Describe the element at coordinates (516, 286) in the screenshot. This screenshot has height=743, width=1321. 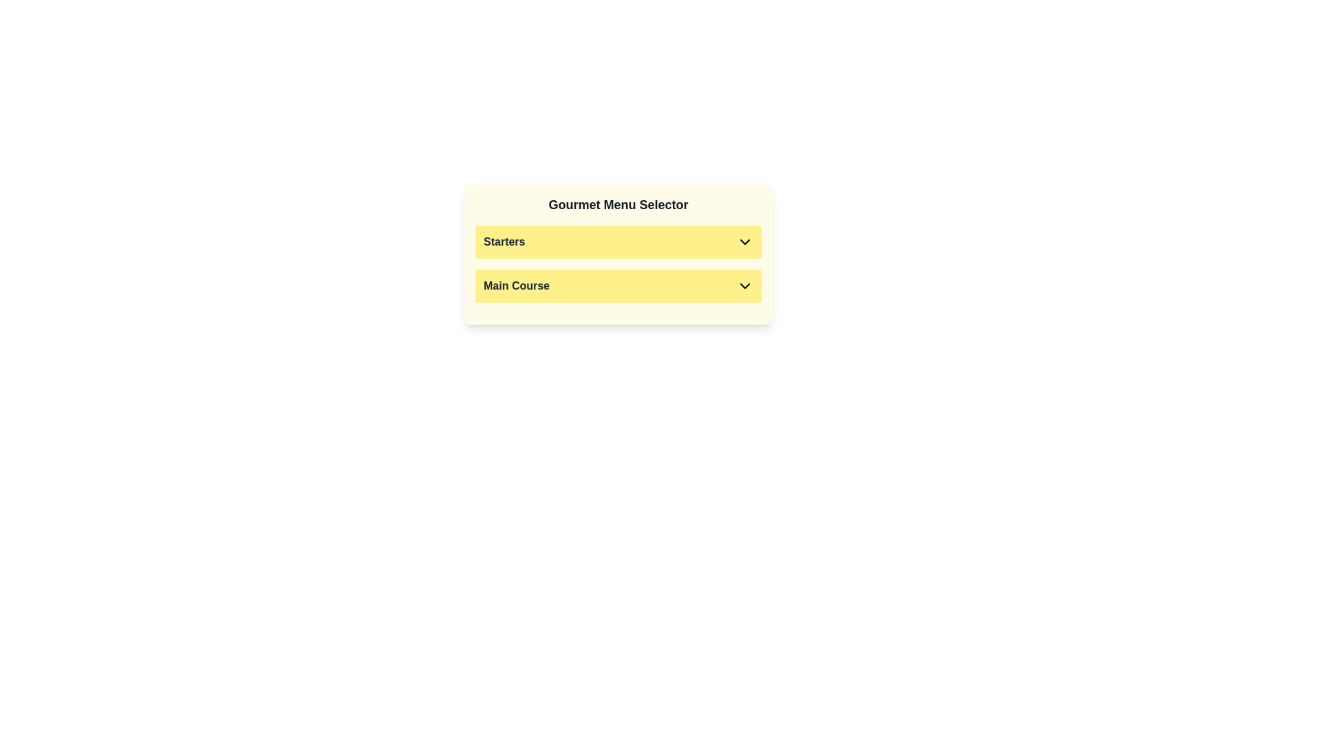
I see `'Main Course' label displayed in bold font on a yellow background, positioned below the 'Starters' box and to the left side of the yellow box` at that location.